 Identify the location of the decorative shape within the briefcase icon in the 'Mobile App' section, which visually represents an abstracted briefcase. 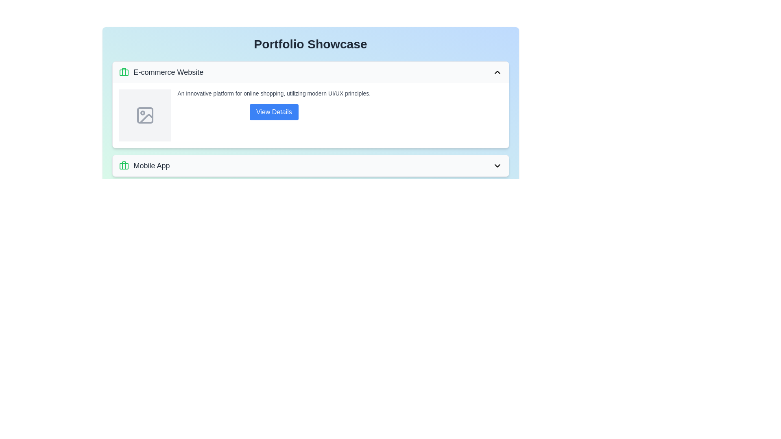
(123, 72).